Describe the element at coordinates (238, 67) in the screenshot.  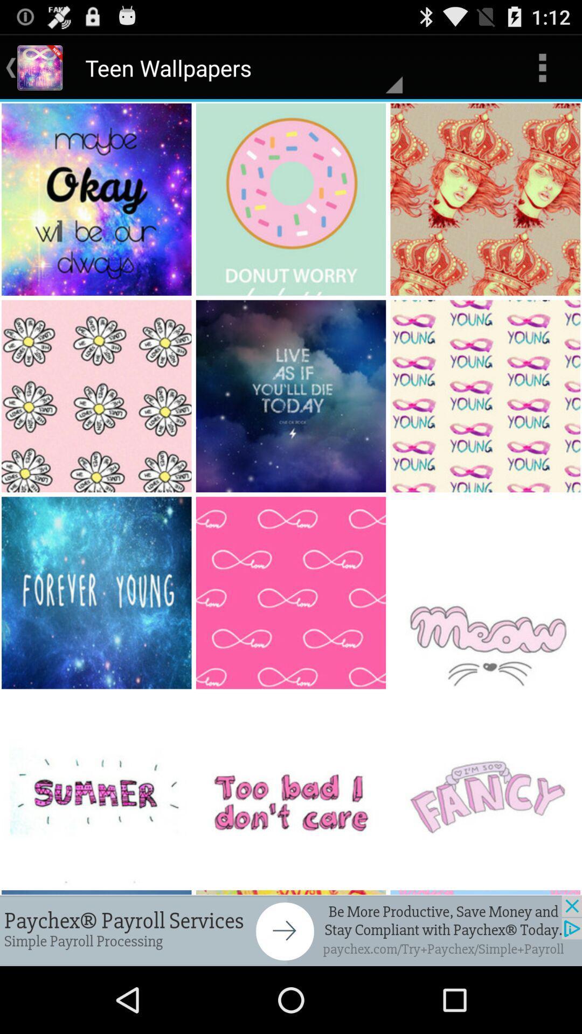
I see `teen wallpapers` at that location.